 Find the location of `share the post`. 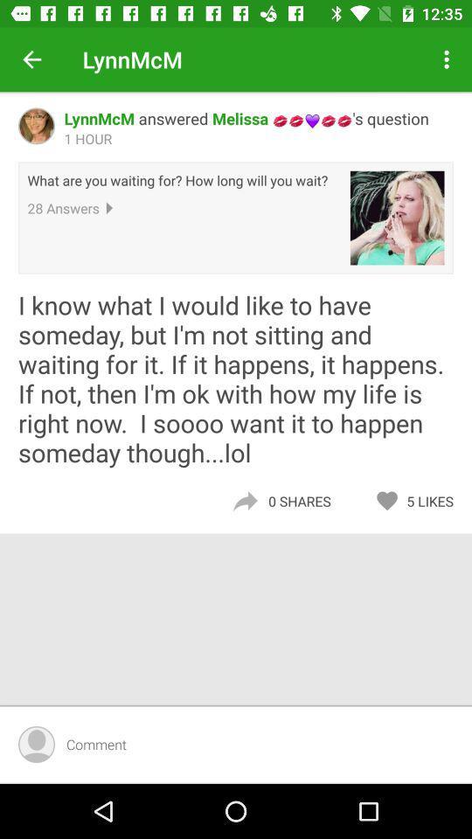

share the post is located at coordinates (244, 501).